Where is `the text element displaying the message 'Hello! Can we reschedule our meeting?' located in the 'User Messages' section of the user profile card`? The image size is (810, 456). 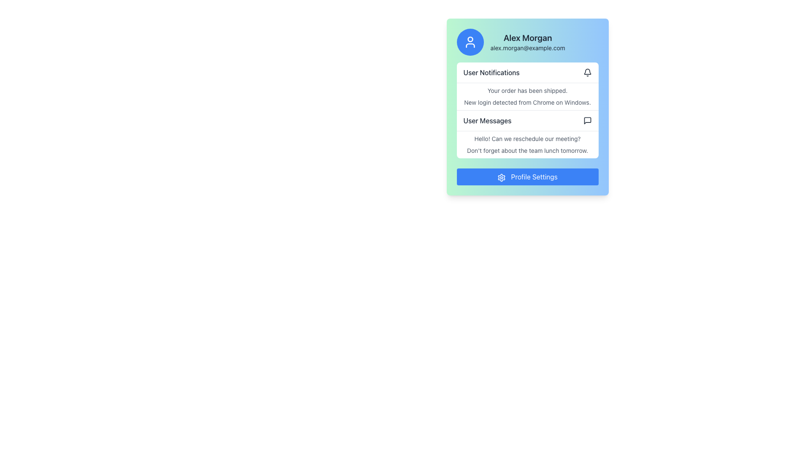 the text element displaying the message 'Hello! Can we reschedule our meeting?' located in the 'User Messages' section of the user profile card is located at coordinates (527, 138).